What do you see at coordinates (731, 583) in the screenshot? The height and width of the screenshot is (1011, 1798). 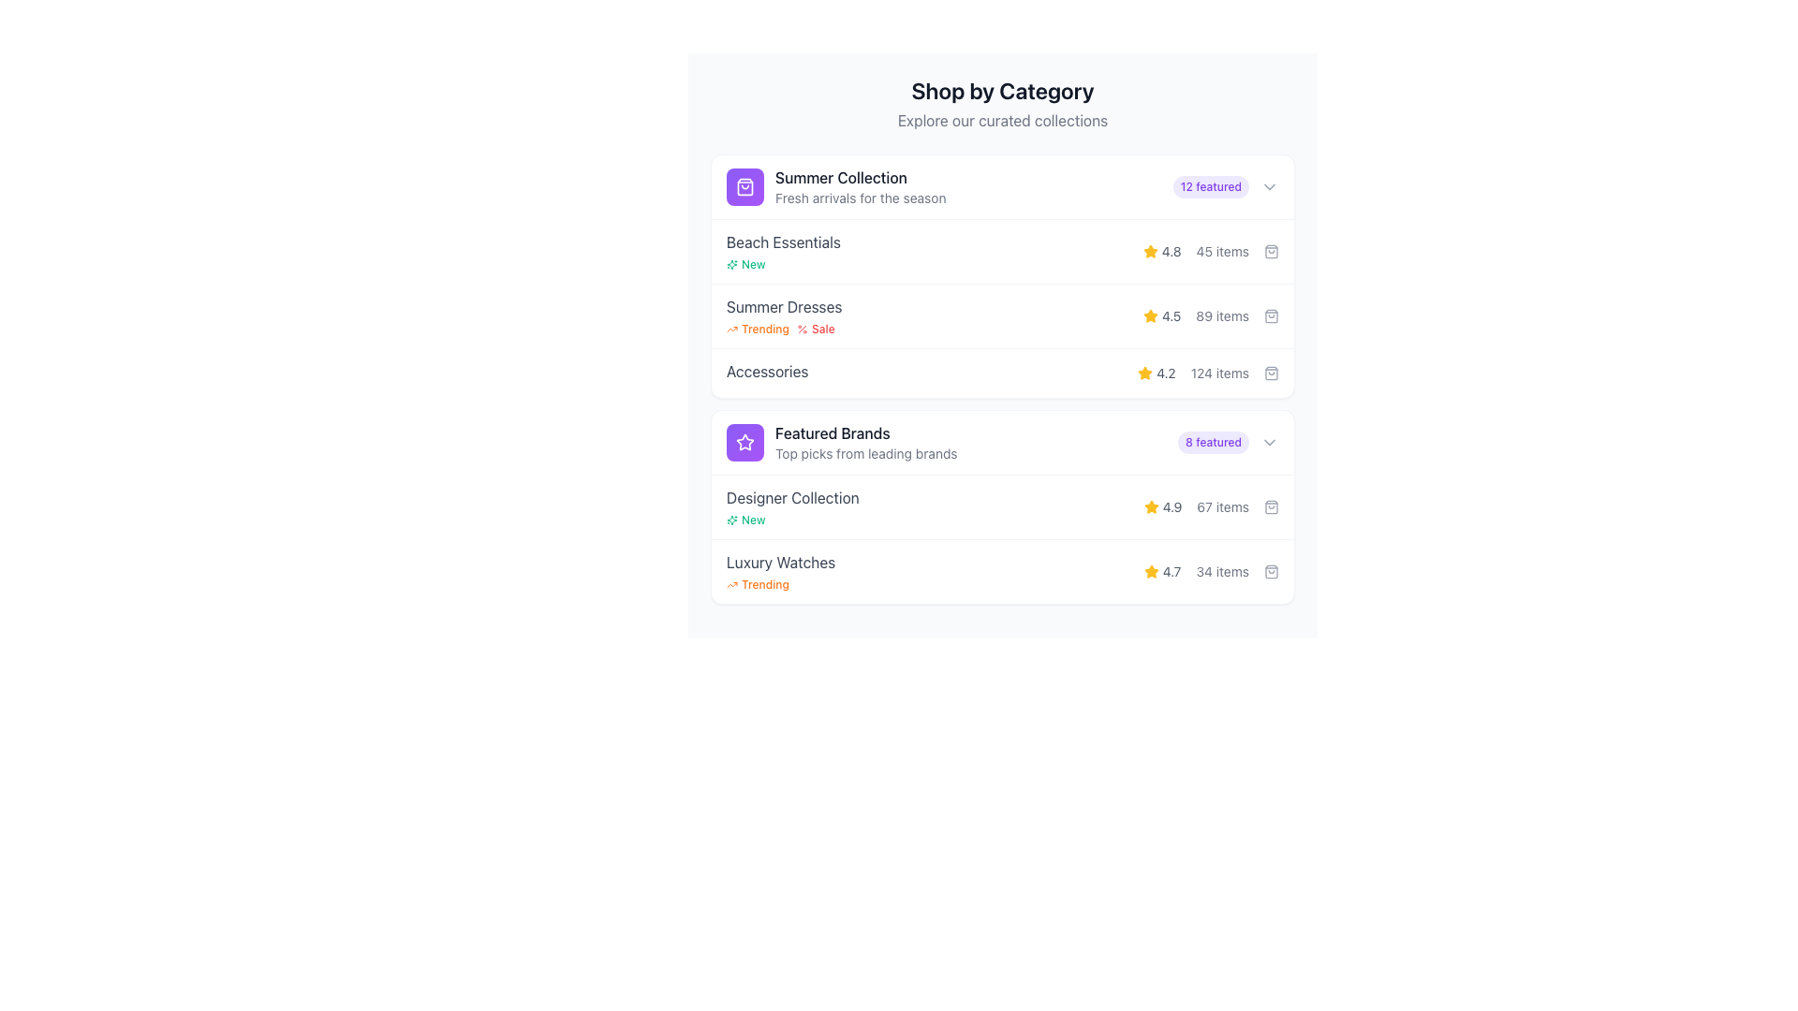 I see `the upward-trending arrow icon located to the left of the 'Trending' label, which is part of a group of orange-themed elements` at bounding box center [731, 583].